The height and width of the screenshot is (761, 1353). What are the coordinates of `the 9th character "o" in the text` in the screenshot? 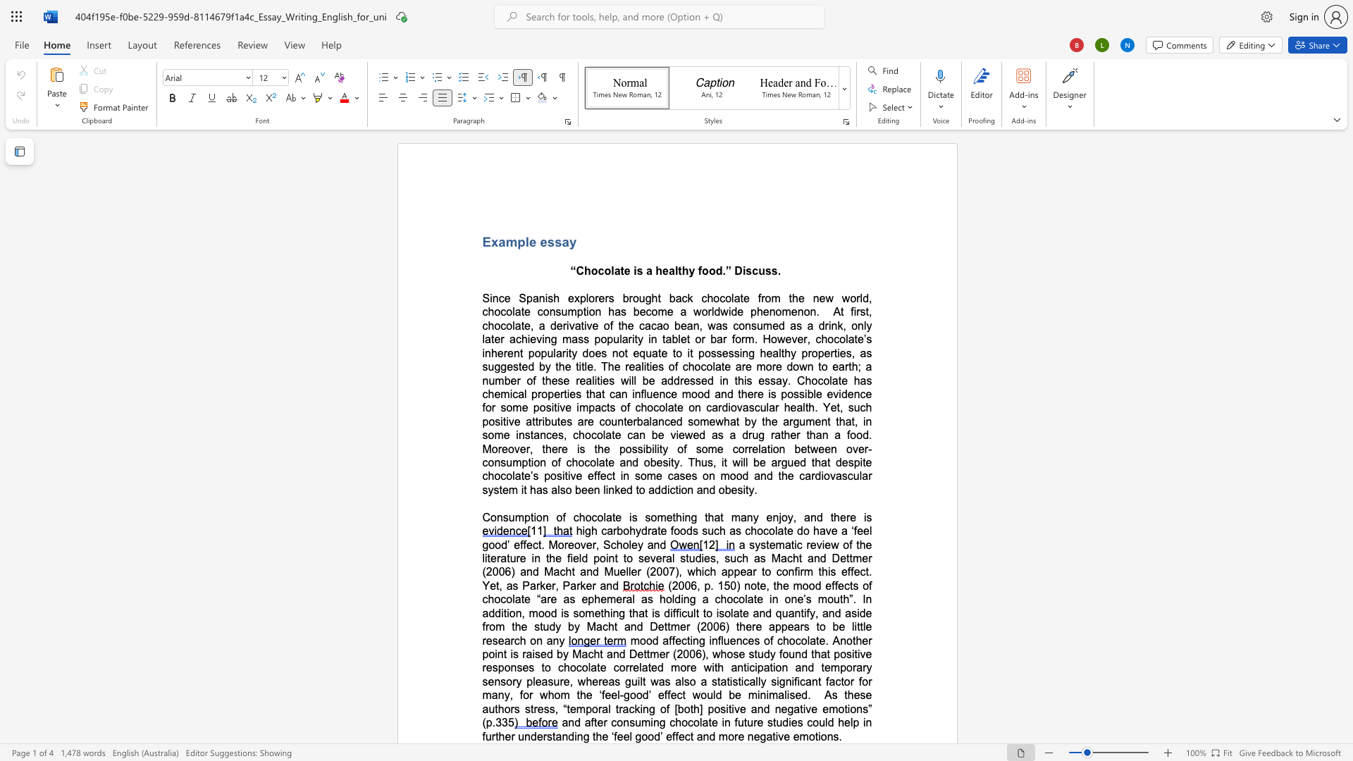 It's located at (560, 544).